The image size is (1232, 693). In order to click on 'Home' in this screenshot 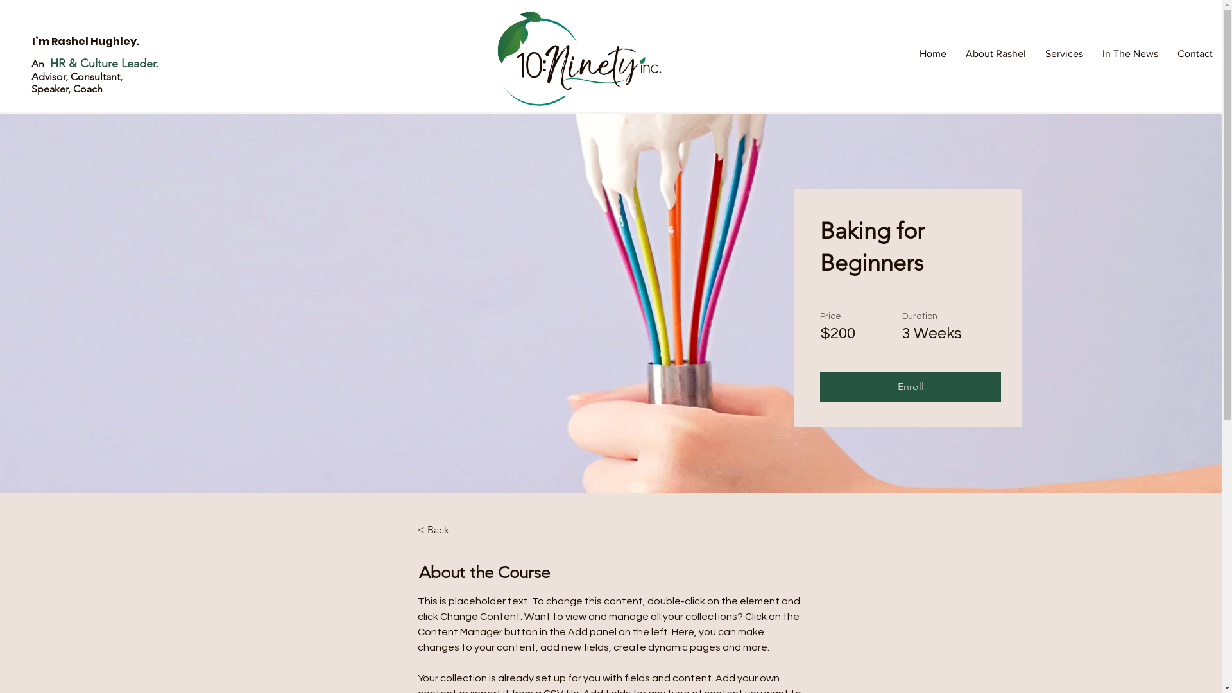, I will do `click(933, 53)`.